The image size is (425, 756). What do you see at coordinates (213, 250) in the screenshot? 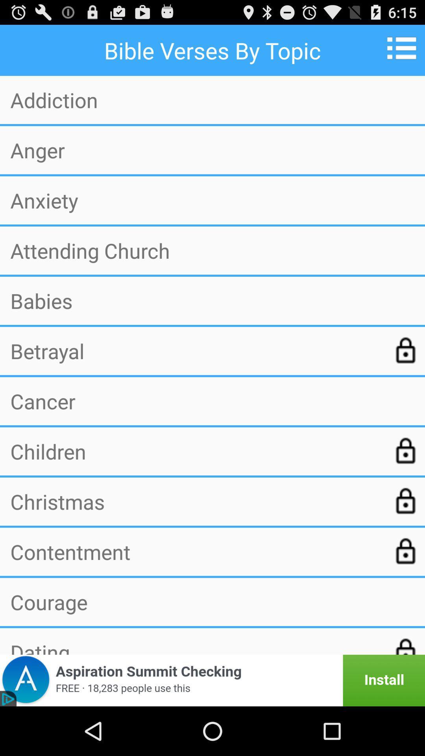
I see `the app above the babies item` at bounding box center [213, 250].